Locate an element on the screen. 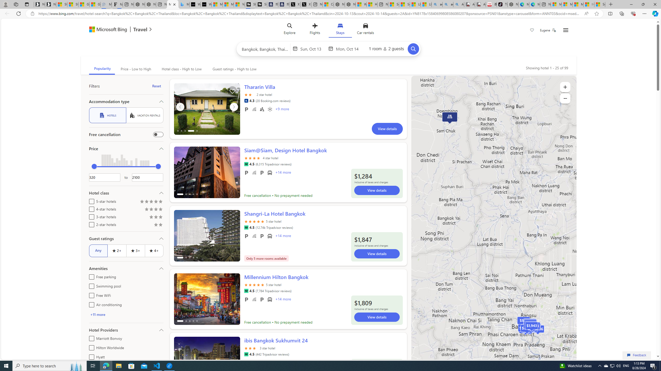 The width and height of the screenshot is (661, 371). 'Swimming pool' is located at coordinates (90, 285).